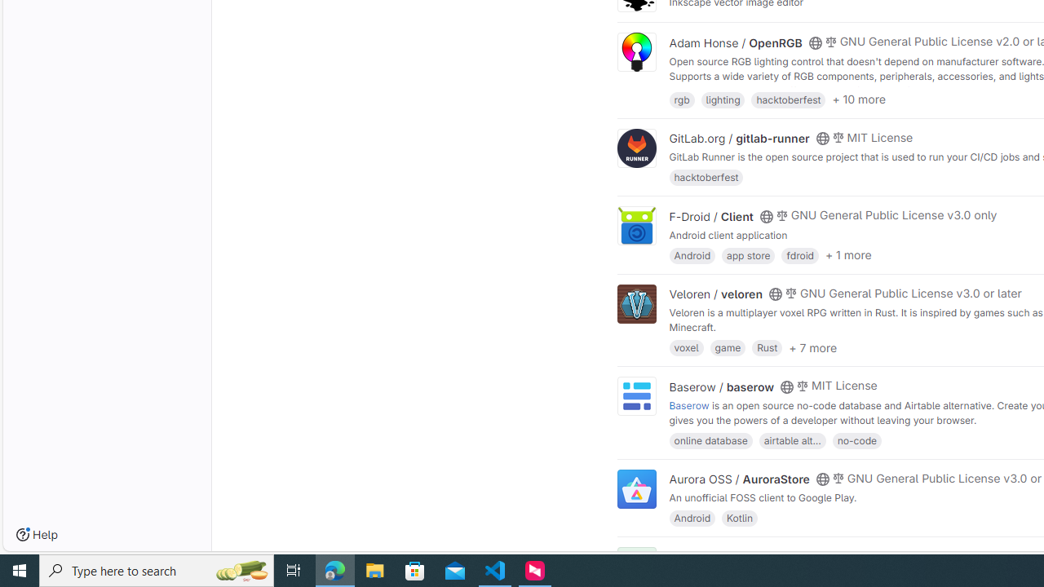  I want to click on 'Aurora OSS / AuroraStore', so click(738, 478).